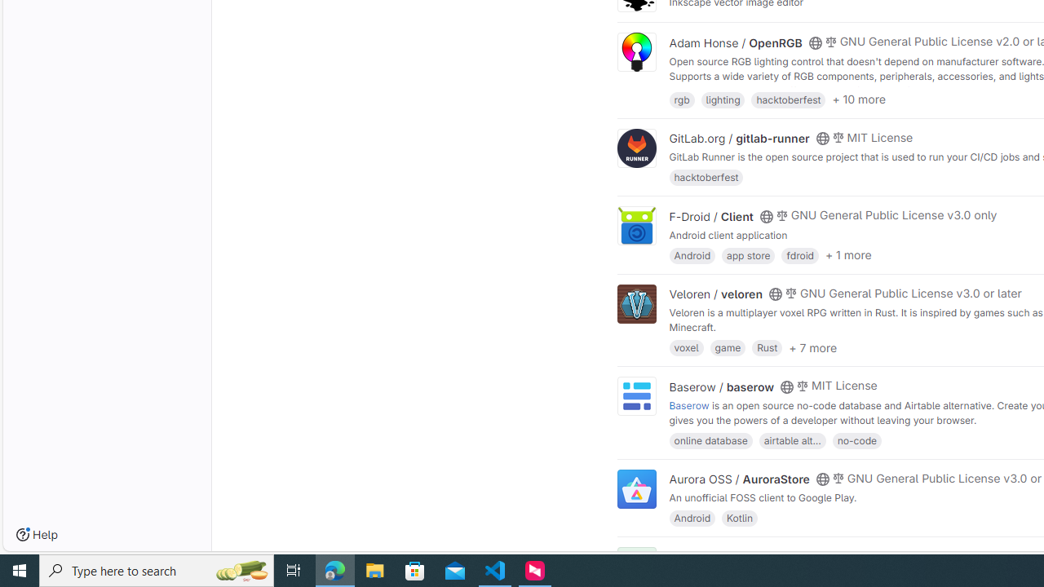  I want to click on 'Aurora OSS / AuroraStore', so click(738, 478).